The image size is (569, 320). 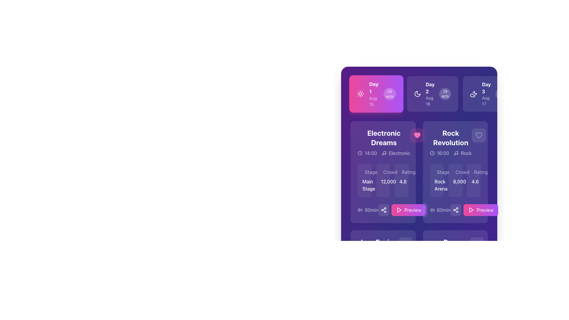 I want to click on vertical bar of the music symbol represented as a Vector shape element within the SVG graphic, so click(x=385, y=153).